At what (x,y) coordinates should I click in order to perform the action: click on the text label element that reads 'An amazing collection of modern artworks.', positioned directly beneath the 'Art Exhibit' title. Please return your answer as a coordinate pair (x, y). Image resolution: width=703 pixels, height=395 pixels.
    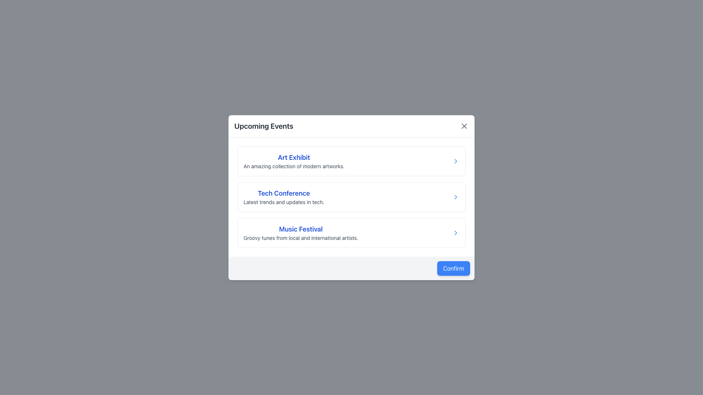
    Looking at the image, I should click on (294, 166).